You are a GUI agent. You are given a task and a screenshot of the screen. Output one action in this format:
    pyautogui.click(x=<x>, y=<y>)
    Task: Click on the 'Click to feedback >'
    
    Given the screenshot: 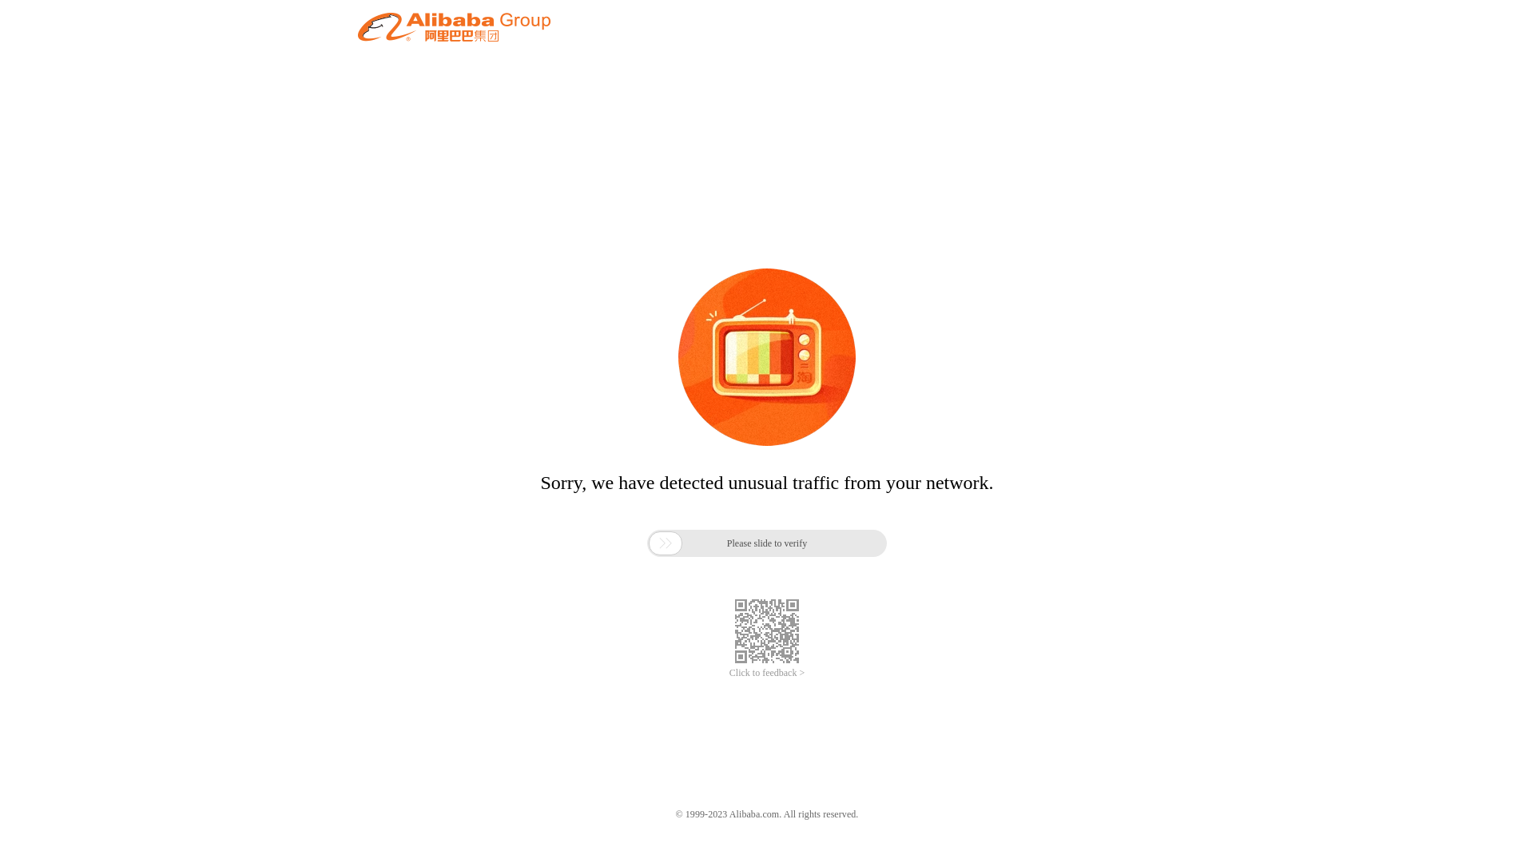 What is the action you would take?
    pyautogui.click(x=767, y=673)
    